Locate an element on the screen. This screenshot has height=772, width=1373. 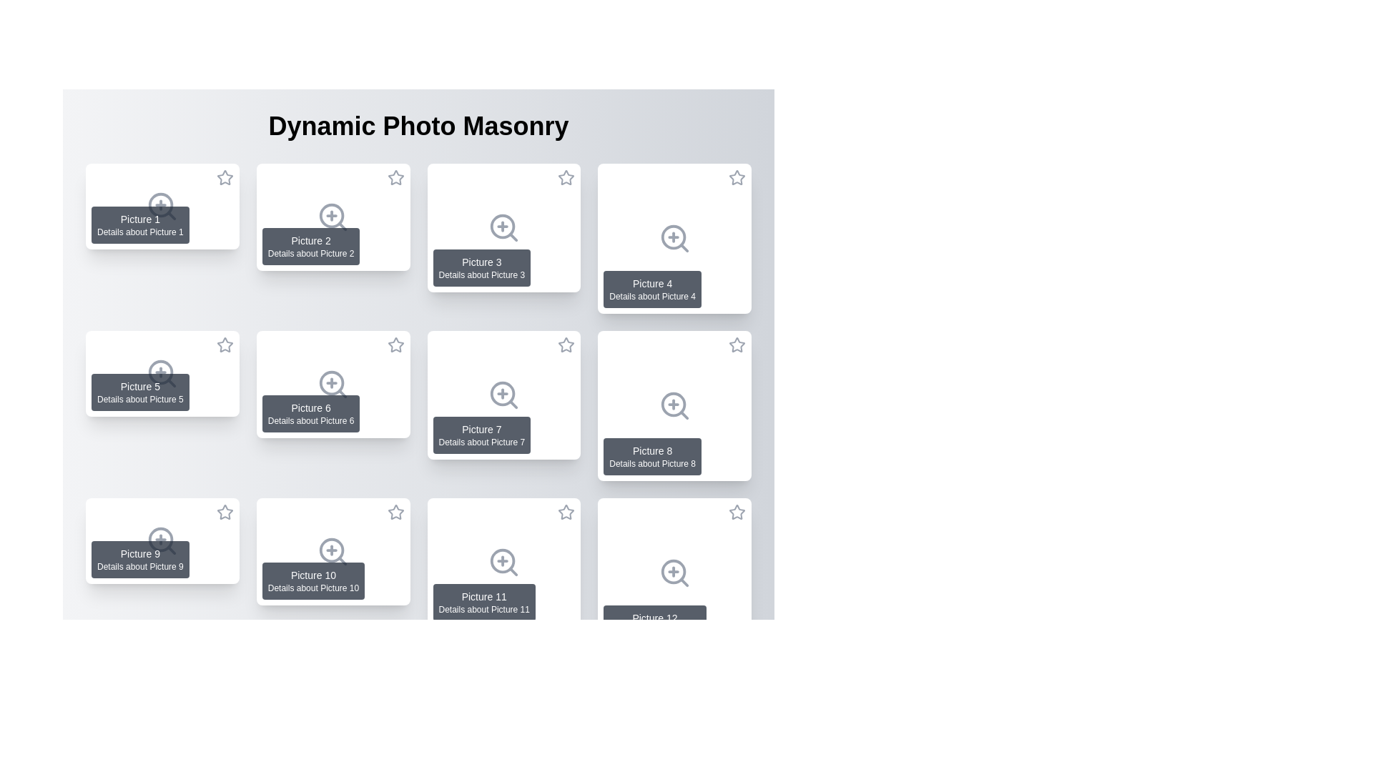
the circular icon with a plus sign, which is located at the lower center of the image card labeled 'Picture 10' is located at coordinates (331, 550).